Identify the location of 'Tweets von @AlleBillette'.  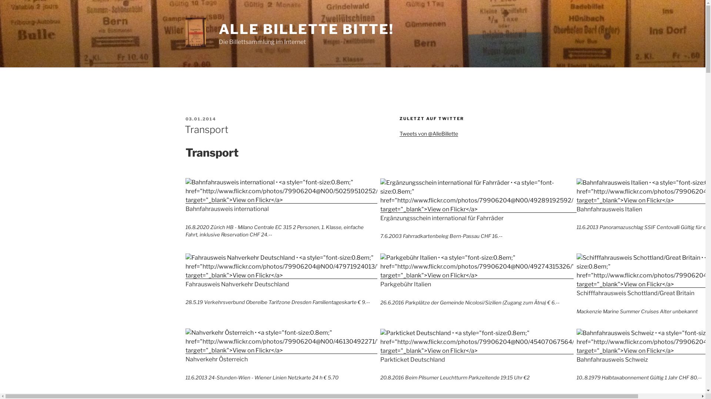
(428, 133).